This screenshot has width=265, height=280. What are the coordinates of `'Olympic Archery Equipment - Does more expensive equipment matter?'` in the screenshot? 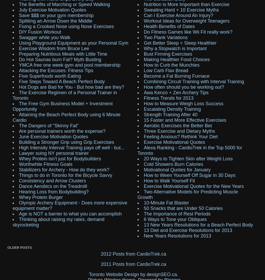 It's located at (12, 205).